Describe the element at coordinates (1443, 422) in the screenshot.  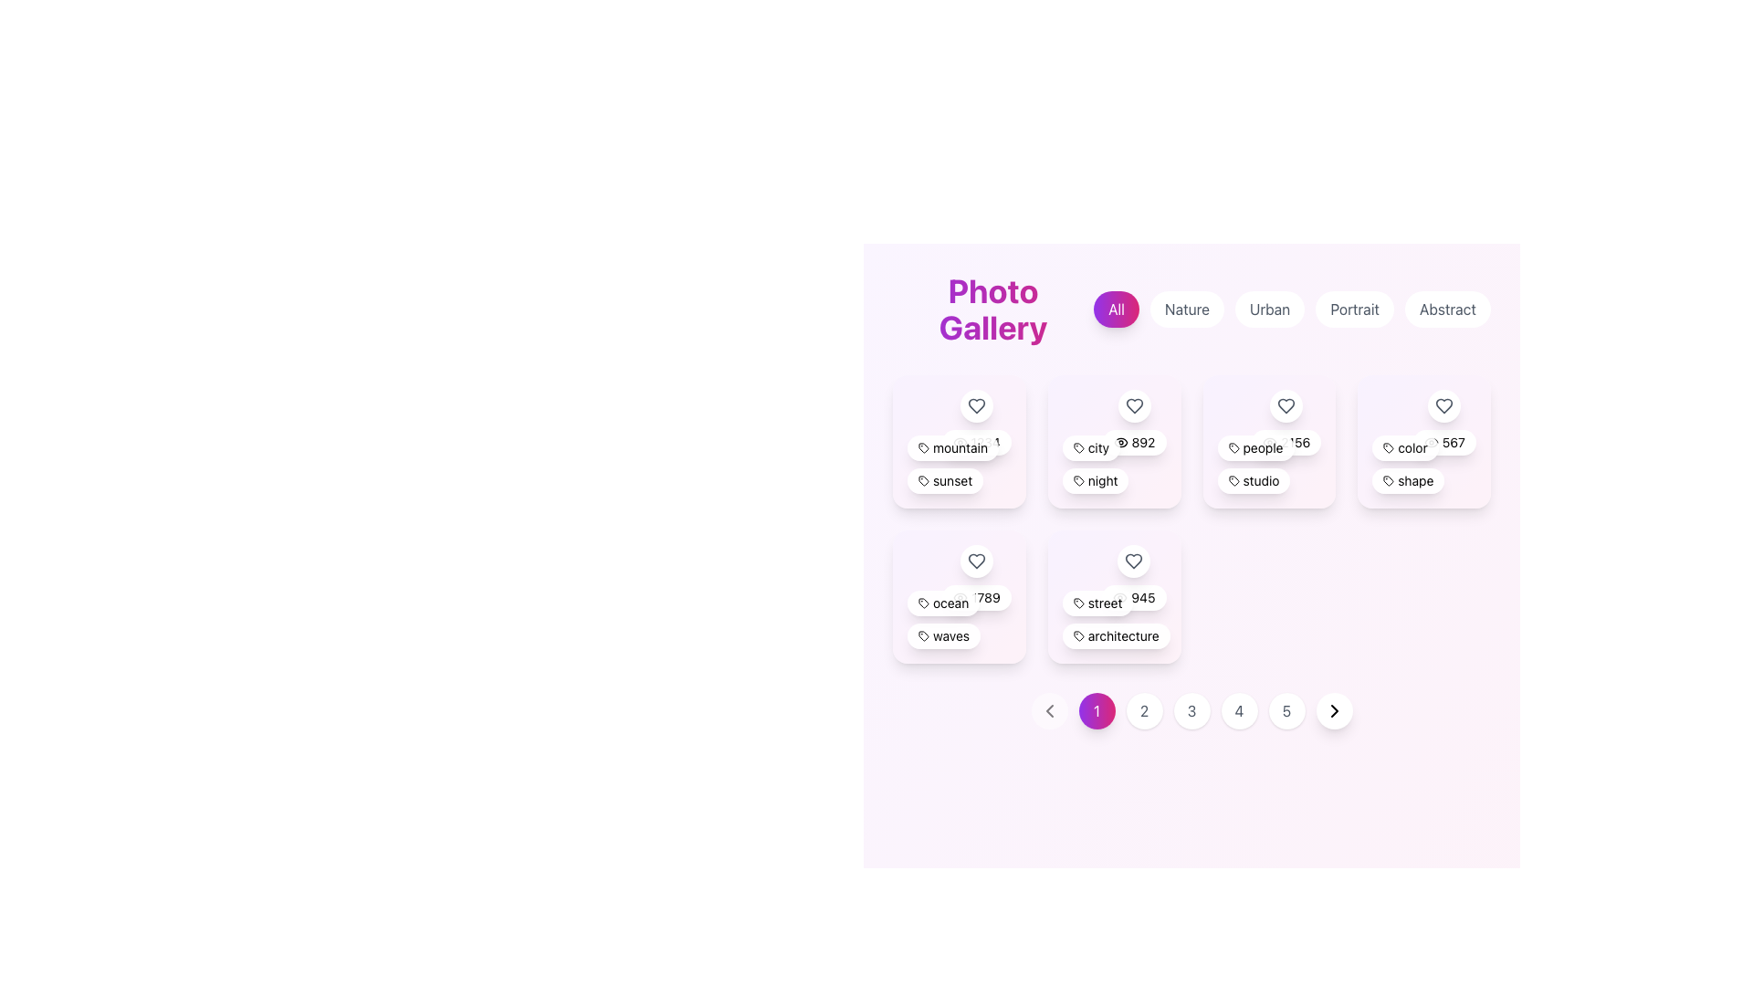
I see `the heart icon button enclosed within a white circular button at the top-right corner of the sixth card in the grid layout to like or favorite the item` at that location.